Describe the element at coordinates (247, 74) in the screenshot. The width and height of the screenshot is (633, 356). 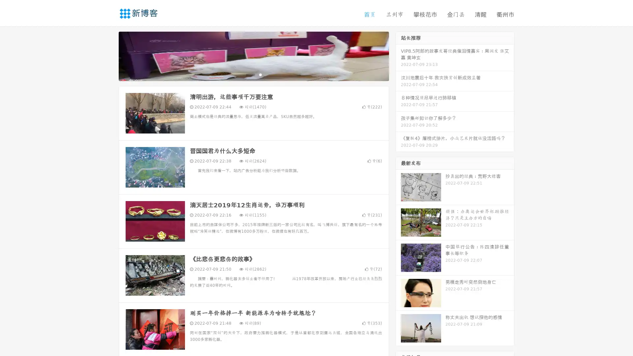
I see `Go to slide 1` at that location.